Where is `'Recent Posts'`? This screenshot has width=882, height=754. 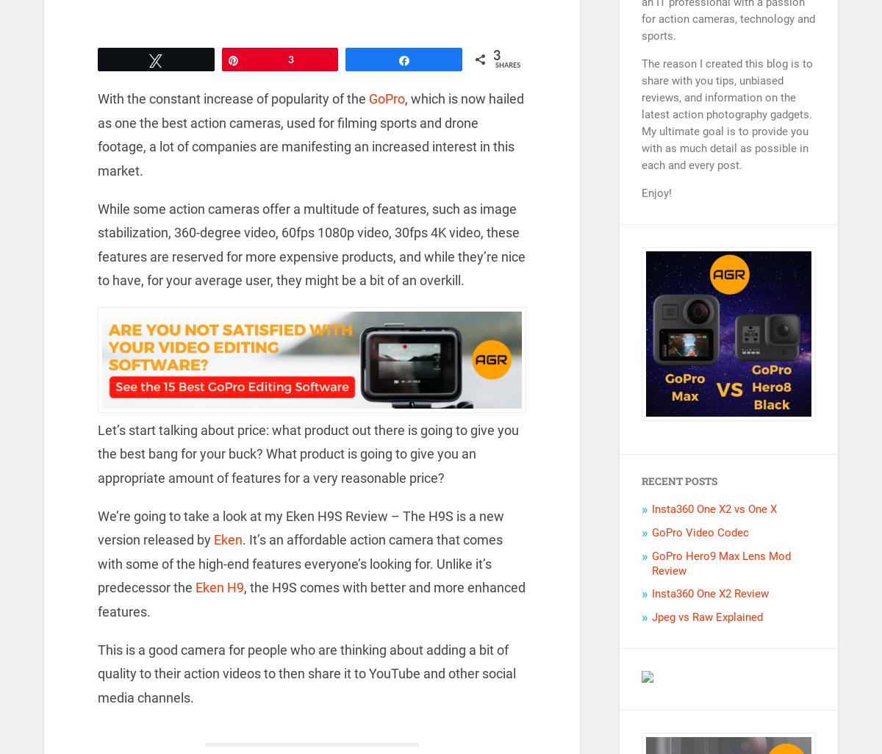 'Recent Posts' is located at coordinates (679, 481).